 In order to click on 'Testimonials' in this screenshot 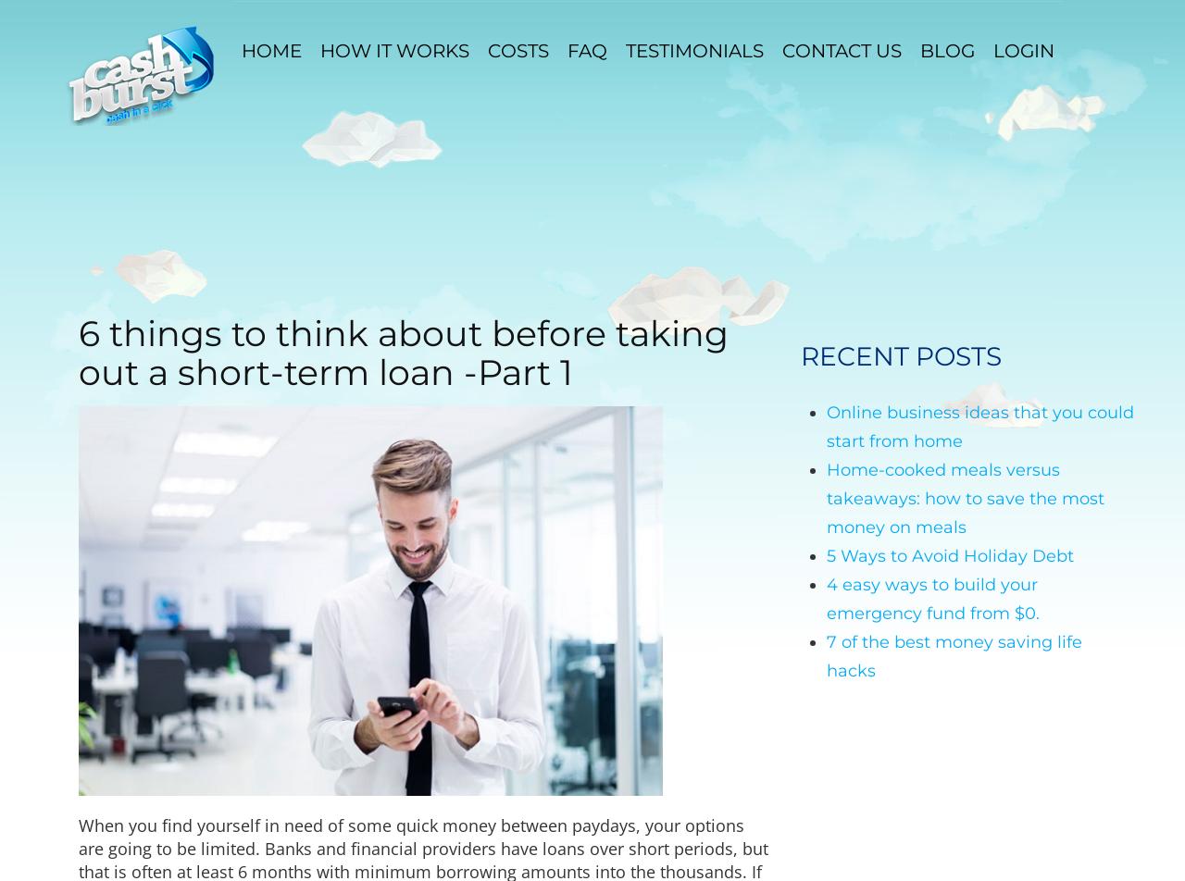, I will do `click(693, 51)`.